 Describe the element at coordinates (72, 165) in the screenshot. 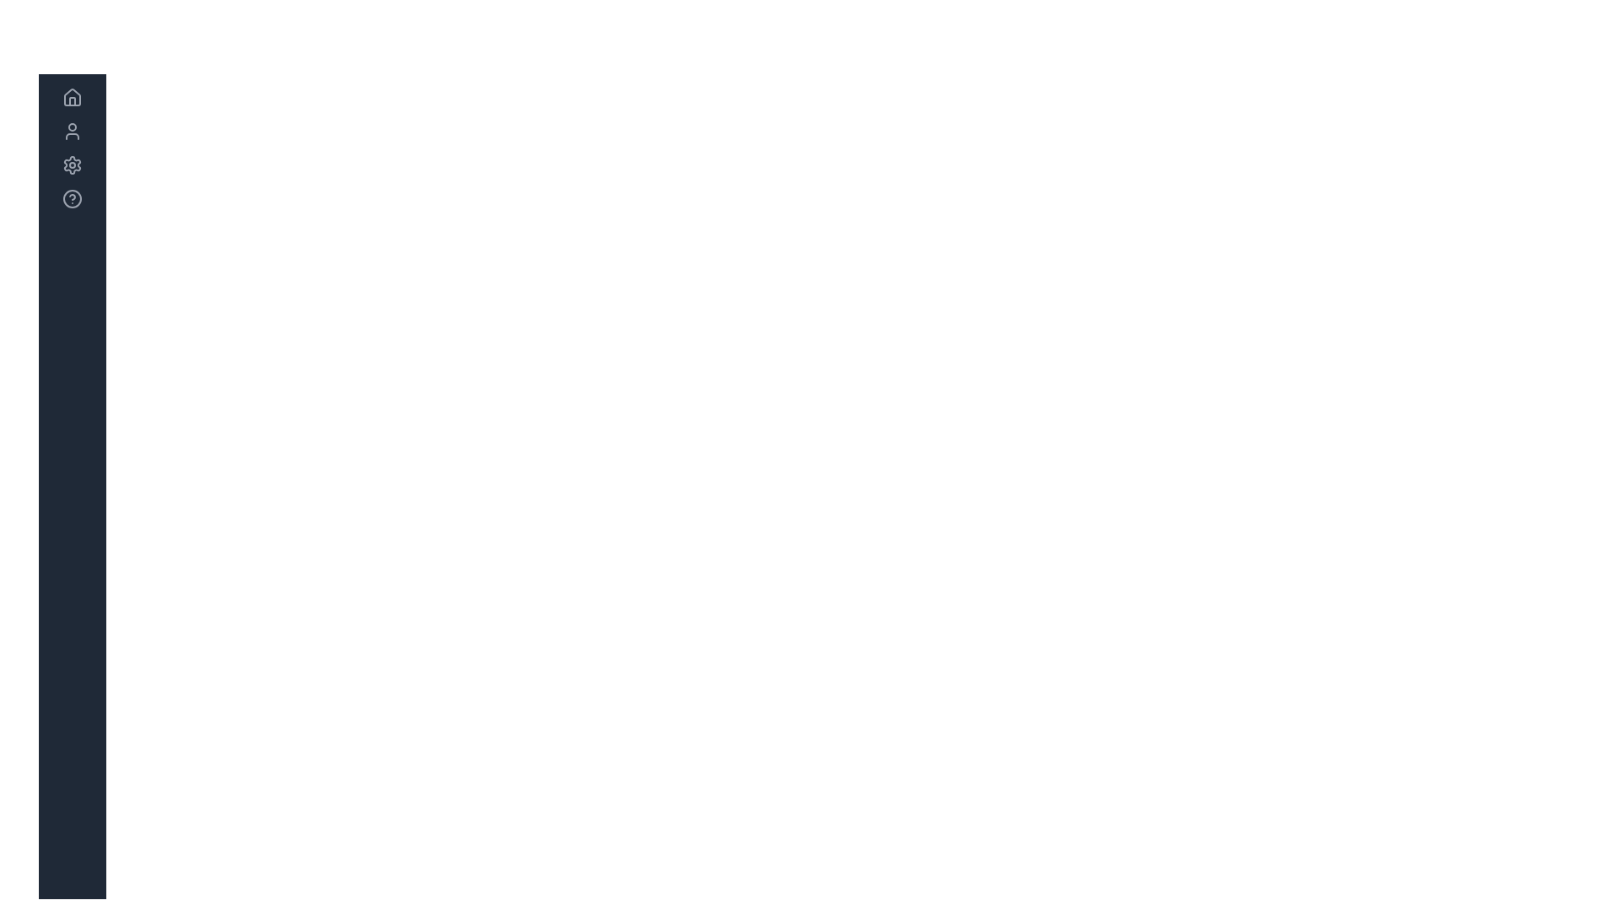

I see `the gear icon in the vertical panel of icons` at that location.